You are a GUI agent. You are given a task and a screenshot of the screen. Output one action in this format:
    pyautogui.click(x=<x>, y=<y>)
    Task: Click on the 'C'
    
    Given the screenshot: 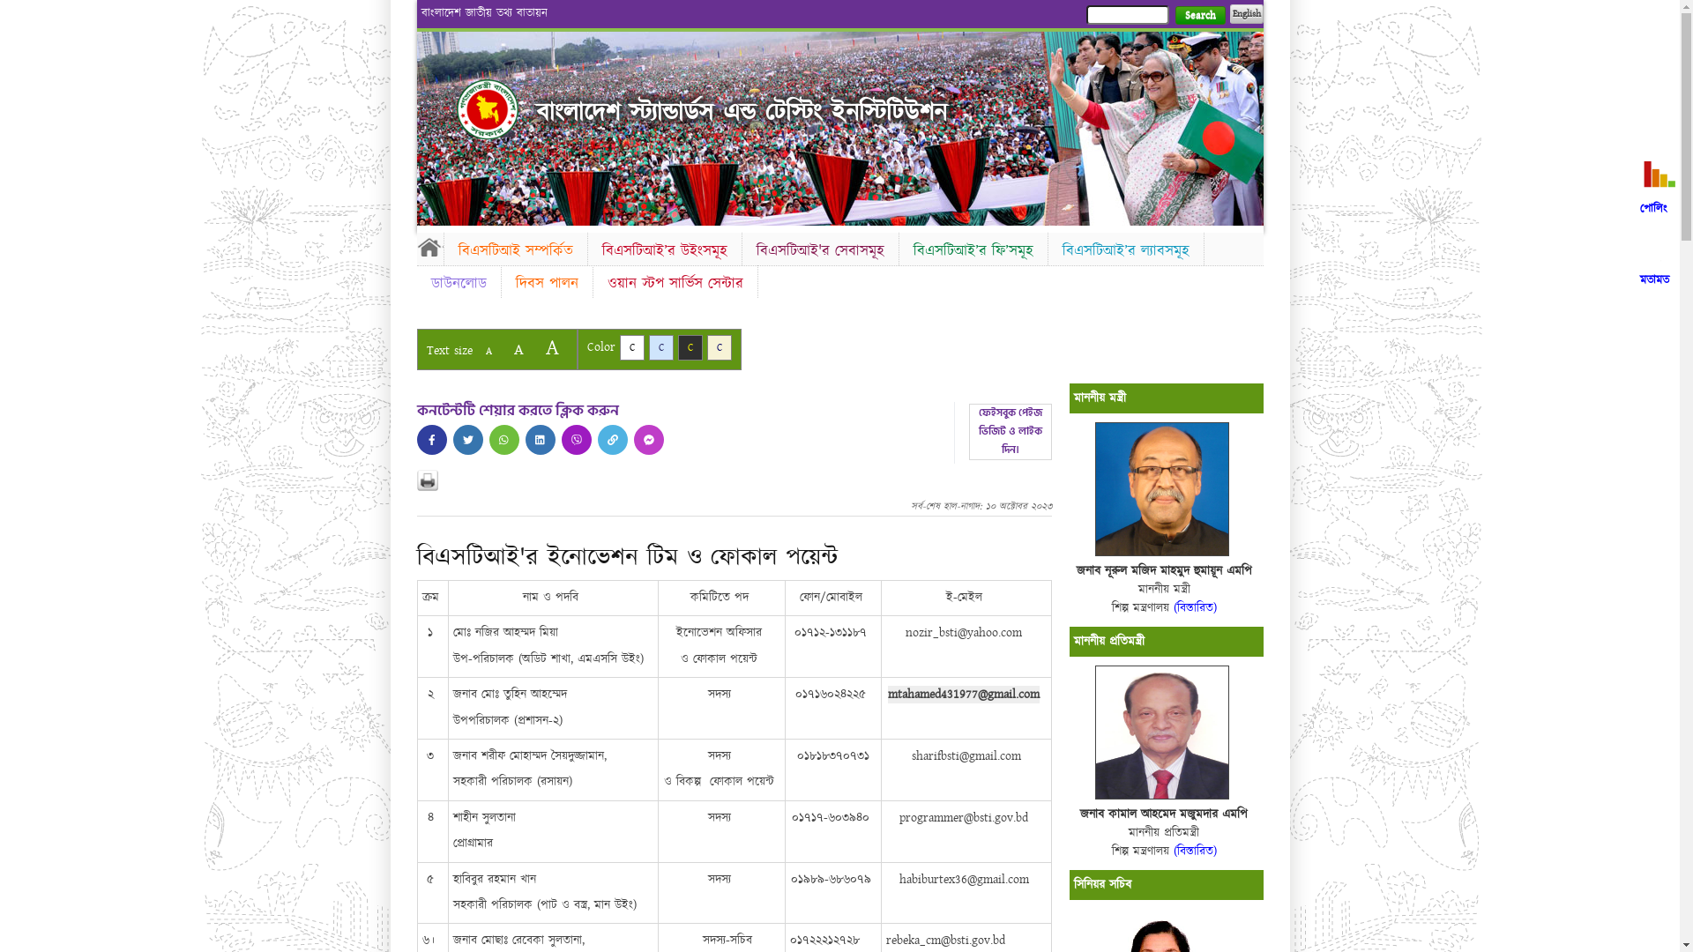 What is the action you would take?
    pyautogui.click(x=689, y=347)
    